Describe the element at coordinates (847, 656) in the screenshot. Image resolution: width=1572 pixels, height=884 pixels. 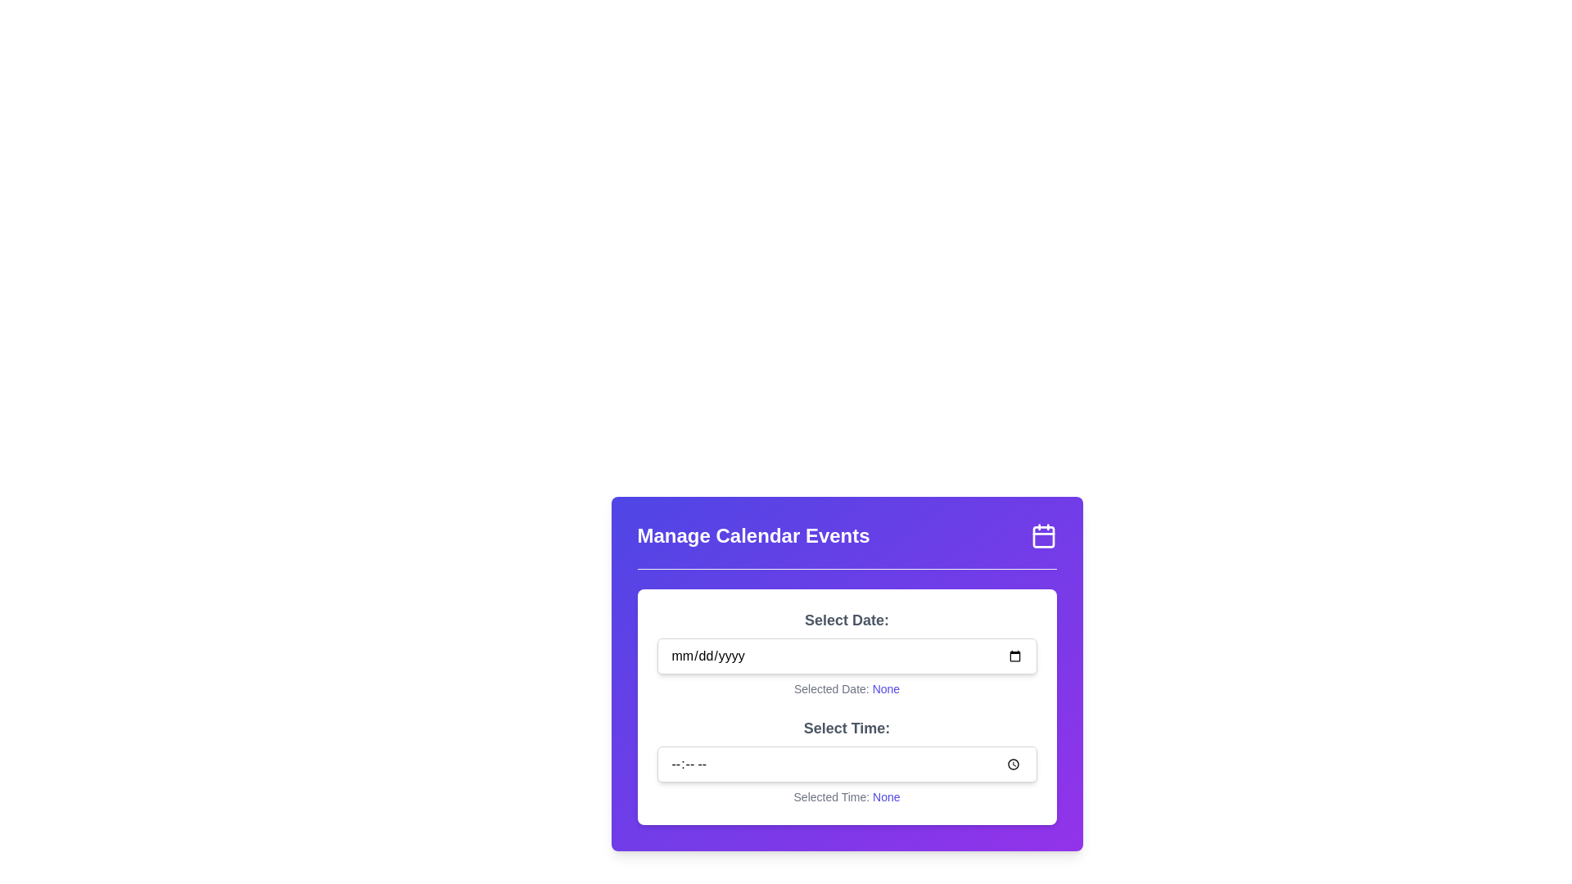
I see `the Date Input Field located in the central area of the form to bring up the date picker` at that location.